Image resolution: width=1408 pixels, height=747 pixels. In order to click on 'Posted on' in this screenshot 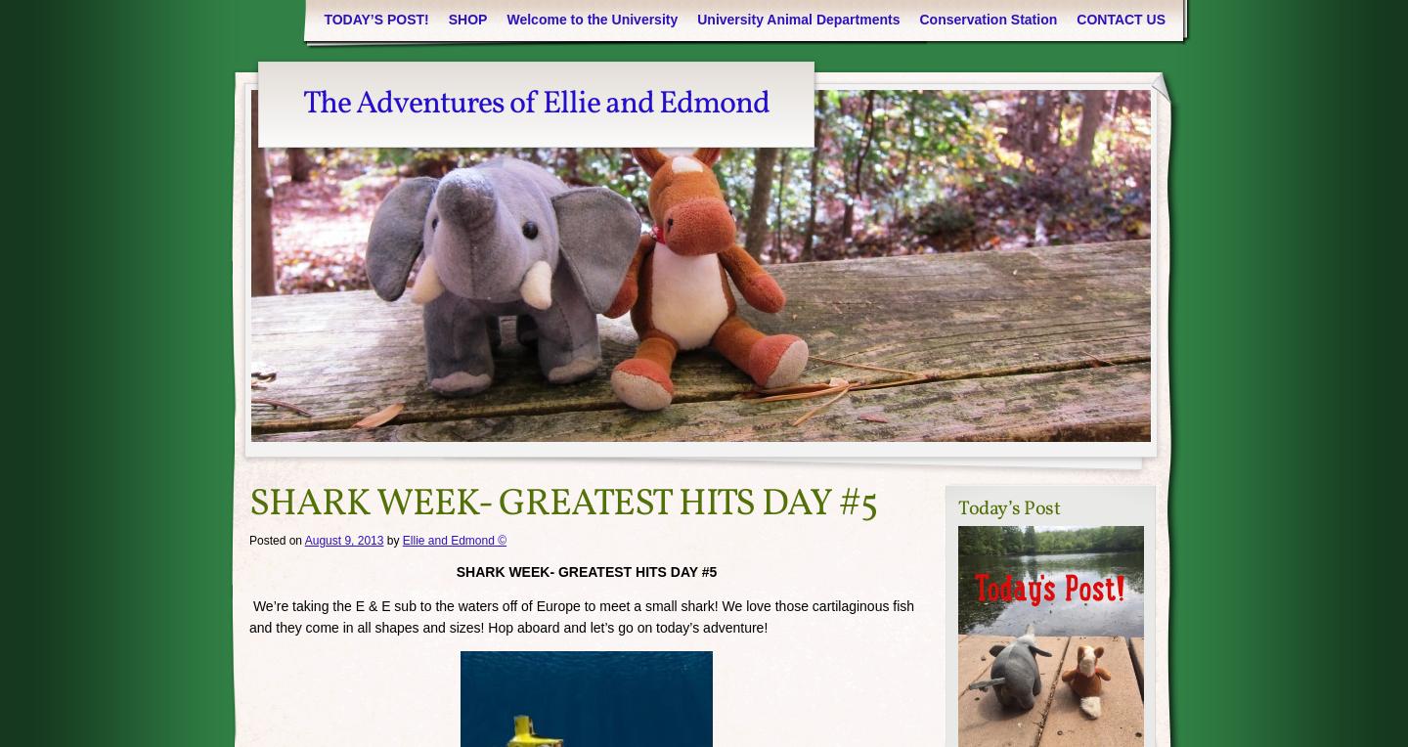, I will do `click(248, 540)`.